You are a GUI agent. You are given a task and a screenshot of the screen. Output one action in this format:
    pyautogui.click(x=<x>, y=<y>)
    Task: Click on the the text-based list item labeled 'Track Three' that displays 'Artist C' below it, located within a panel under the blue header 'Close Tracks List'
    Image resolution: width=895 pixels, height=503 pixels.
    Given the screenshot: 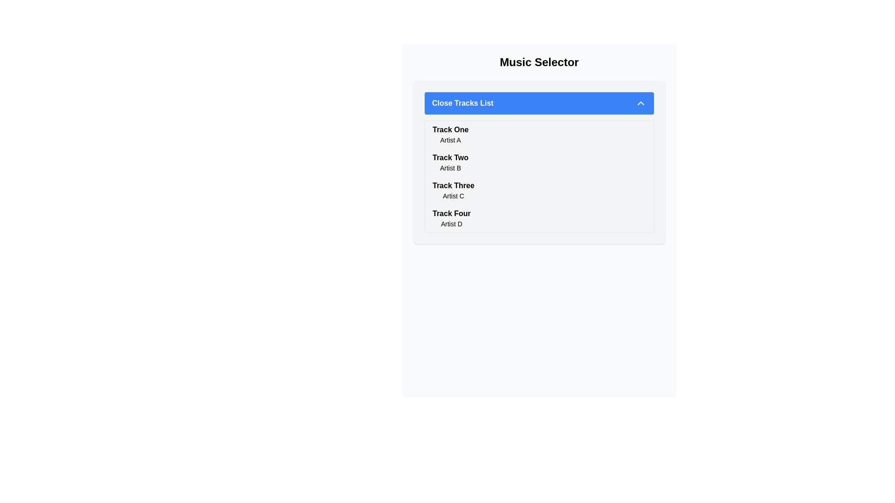 What is the action you would take?
    pyautogui.click(x=453, y=190)
    